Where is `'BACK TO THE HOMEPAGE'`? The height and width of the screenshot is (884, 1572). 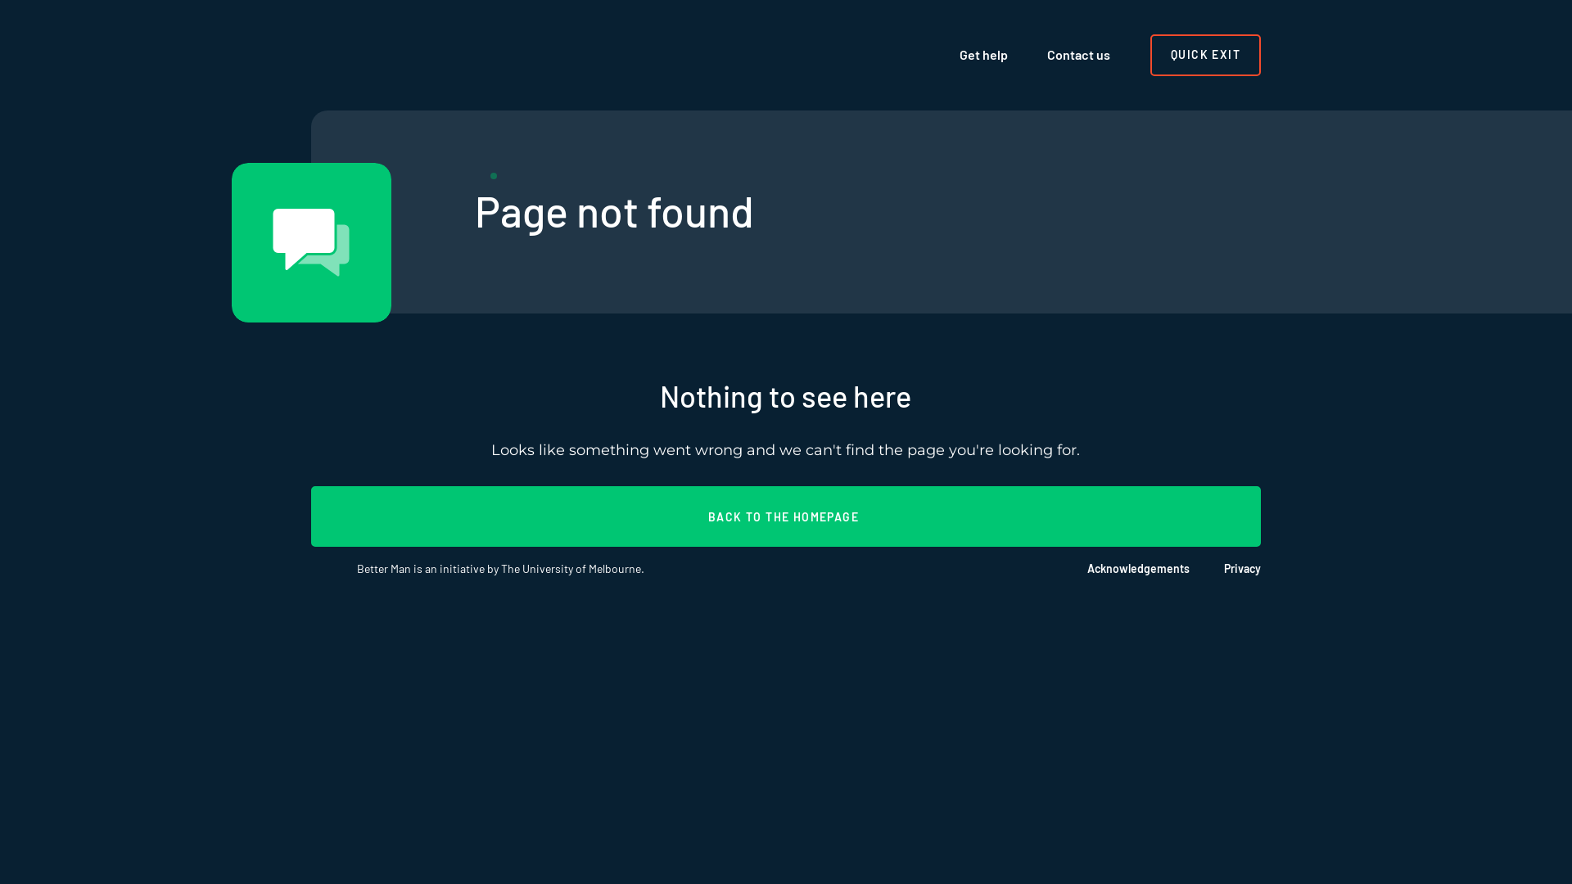 'BACK TO THE HOMEPAGE' is located at coordinates (786, 516).